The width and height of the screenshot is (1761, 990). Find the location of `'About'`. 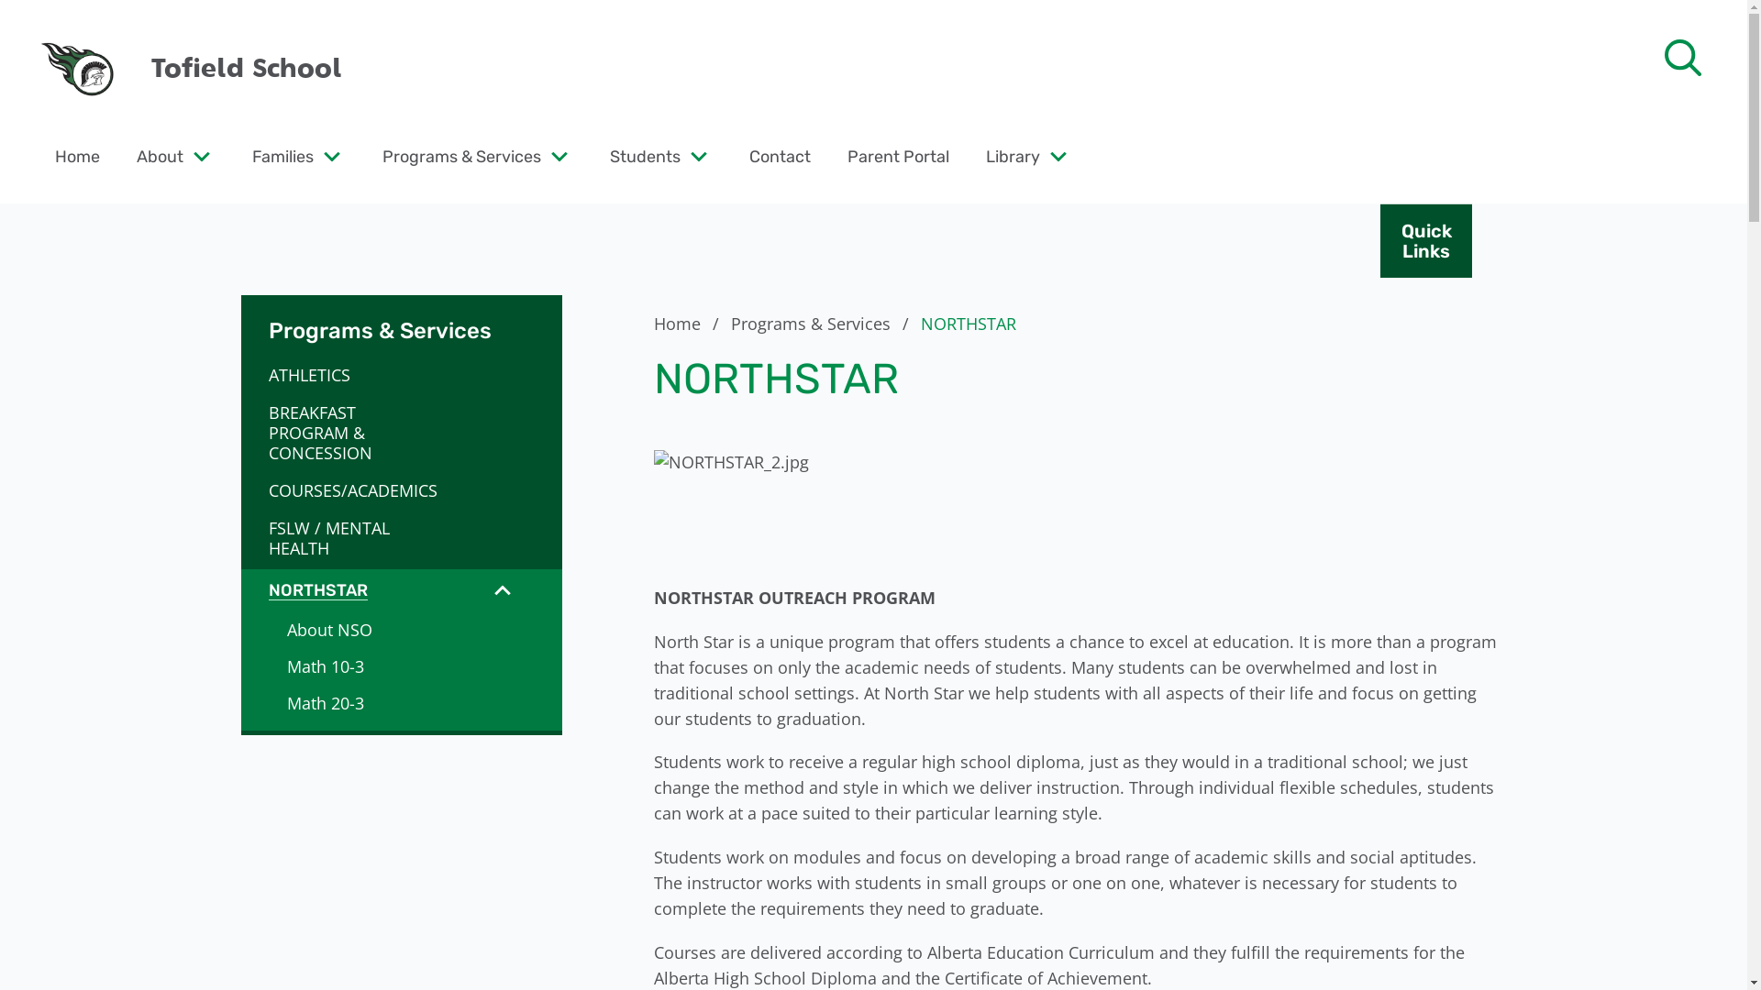

'About' is located at coordinates (160, 155).